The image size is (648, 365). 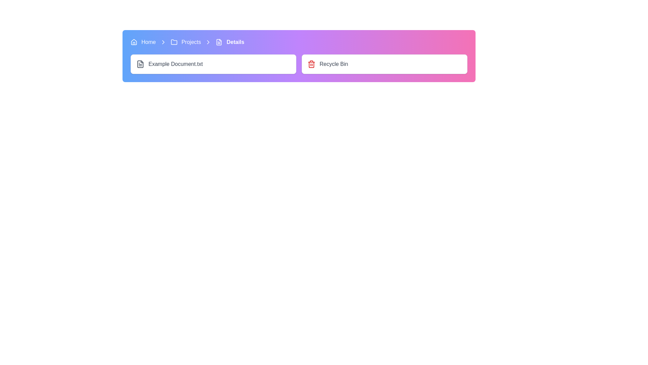 I want to click on the 'Home' icon in the breadcrumb navigation bar, so click(x=134, y=42).